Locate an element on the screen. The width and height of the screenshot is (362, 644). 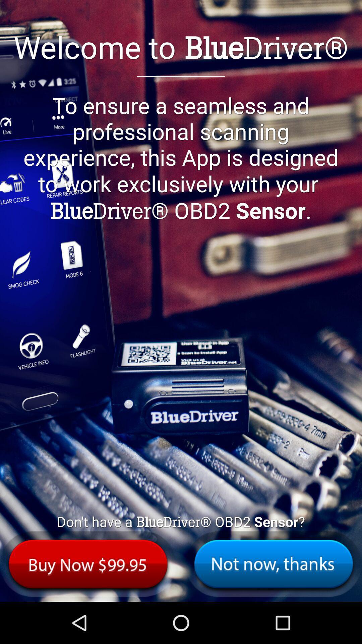
the icon at the bottom left corner is located at coordinates (88, 563).